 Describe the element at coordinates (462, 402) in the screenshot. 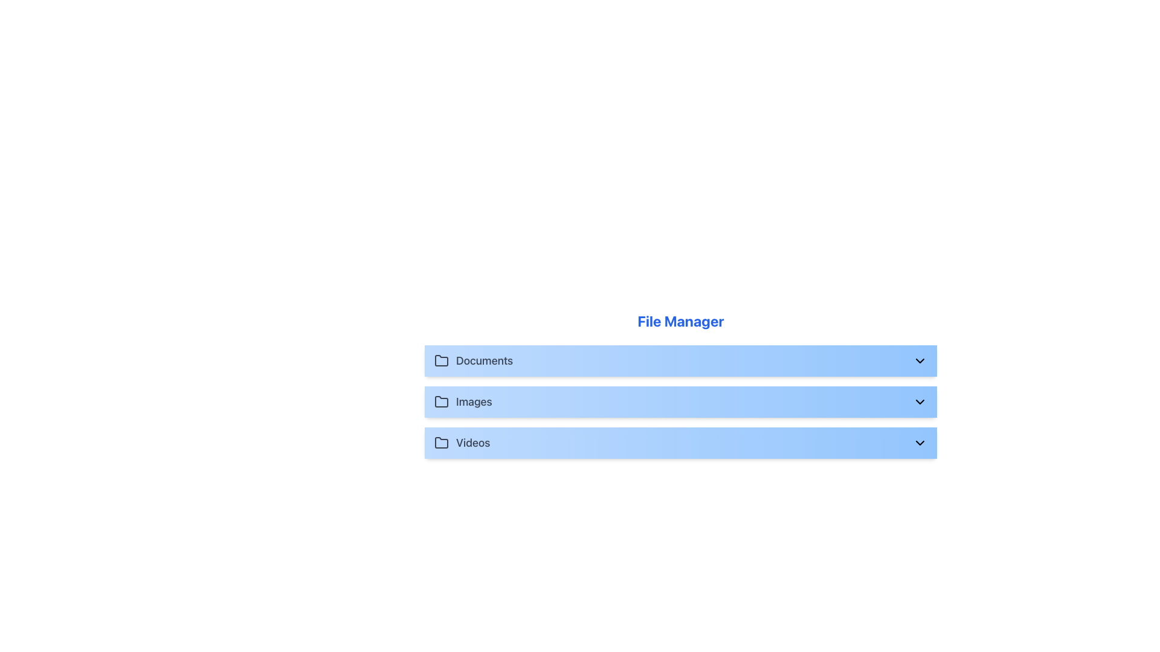

I see `the 'Images' text label with a folder icon in the File Manager` at that location.